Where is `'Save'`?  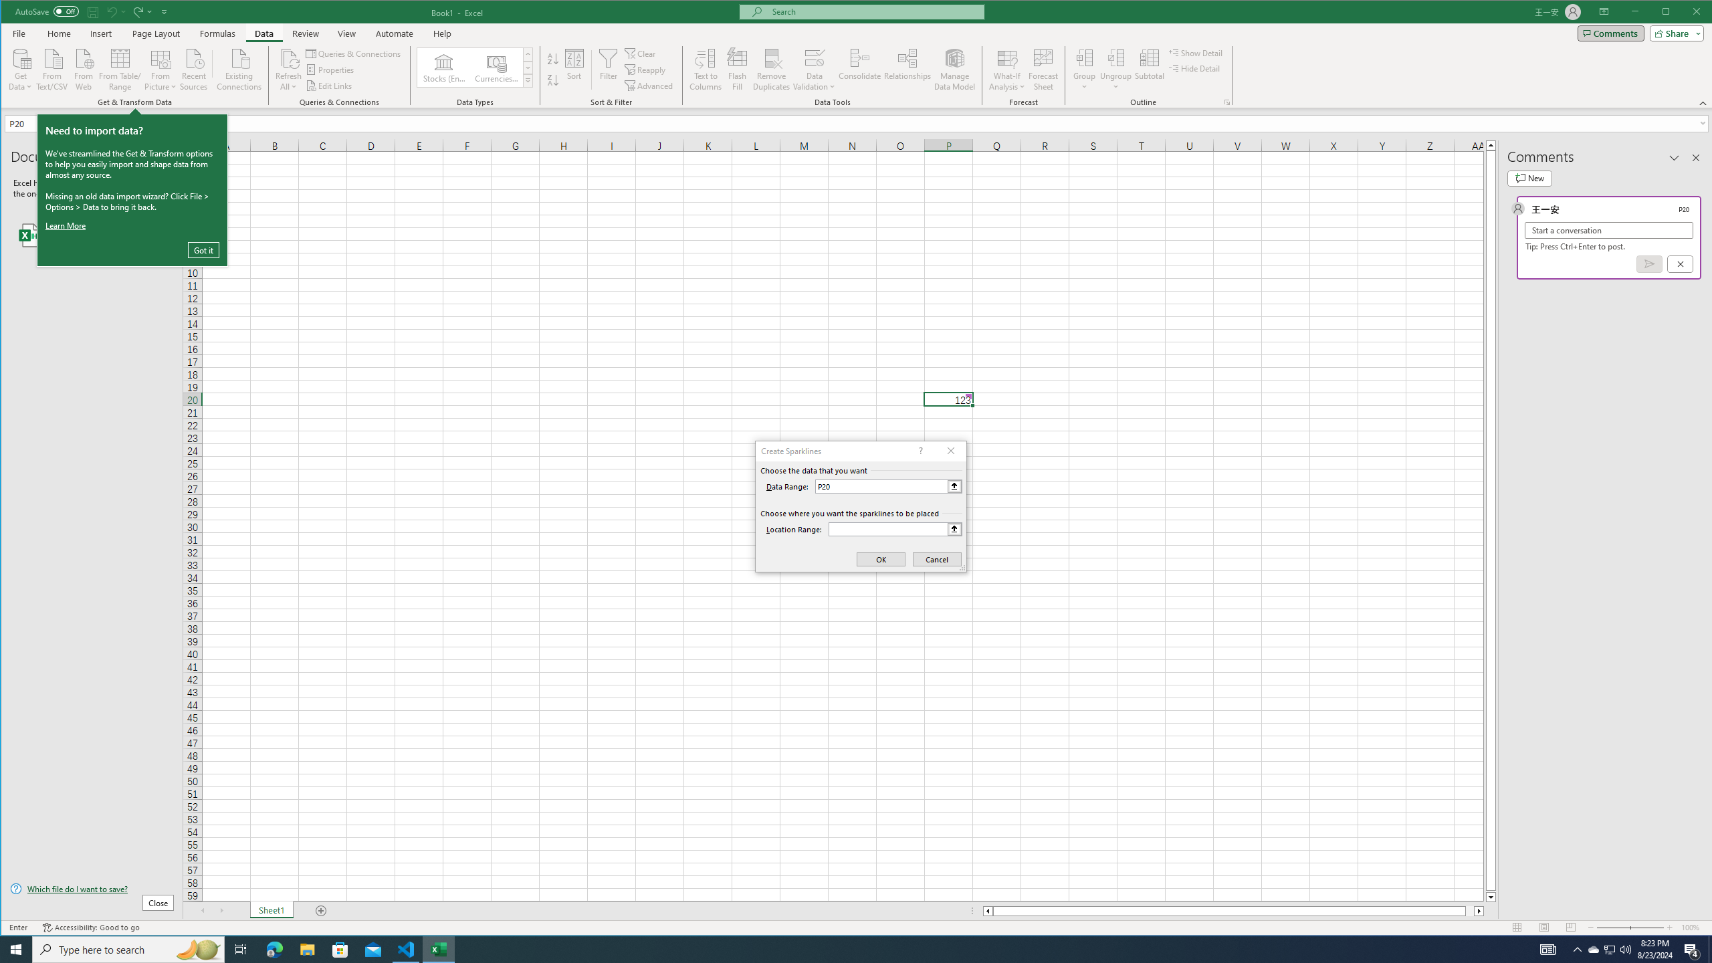
'Save' is located at coordinates (92, 11).